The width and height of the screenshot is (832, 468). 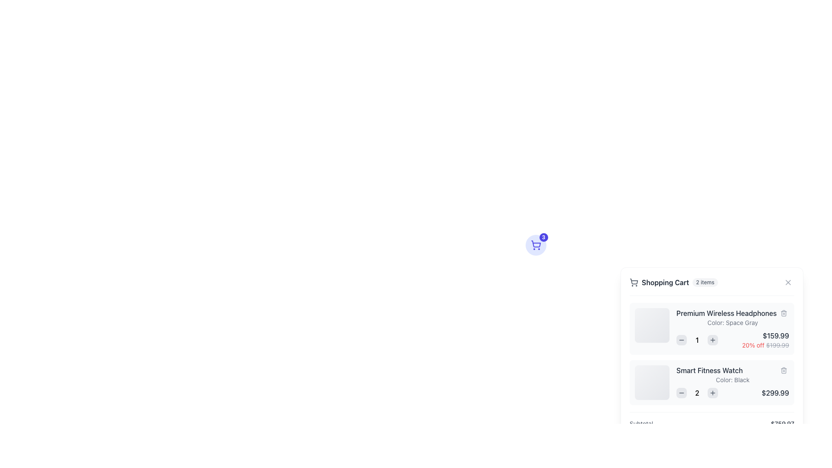 I want to click on the delete icon button for the 'Premium Wireless Headphones' in the shopping cart, so click(x=784, y=370).